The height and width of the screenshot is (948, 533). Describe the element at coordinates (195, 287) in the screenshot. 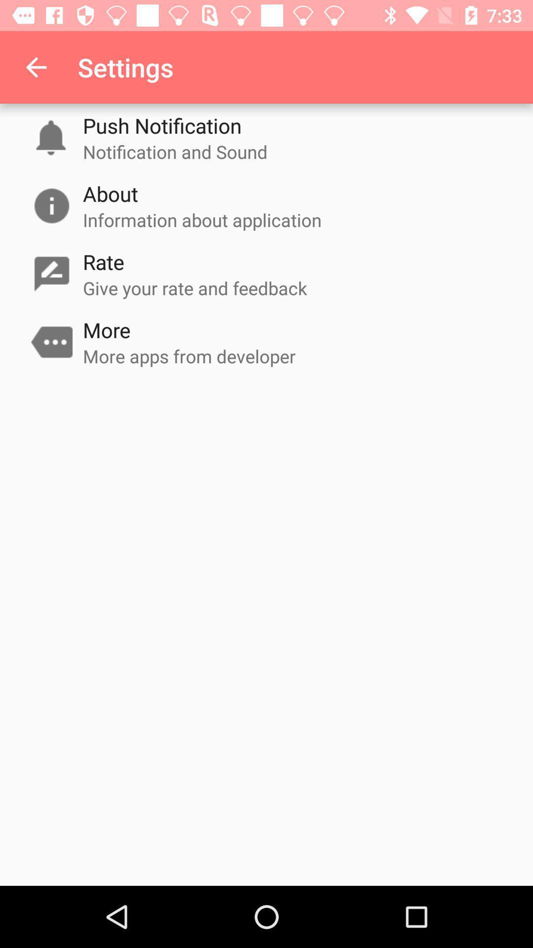

I see `the give your rate` at that location.